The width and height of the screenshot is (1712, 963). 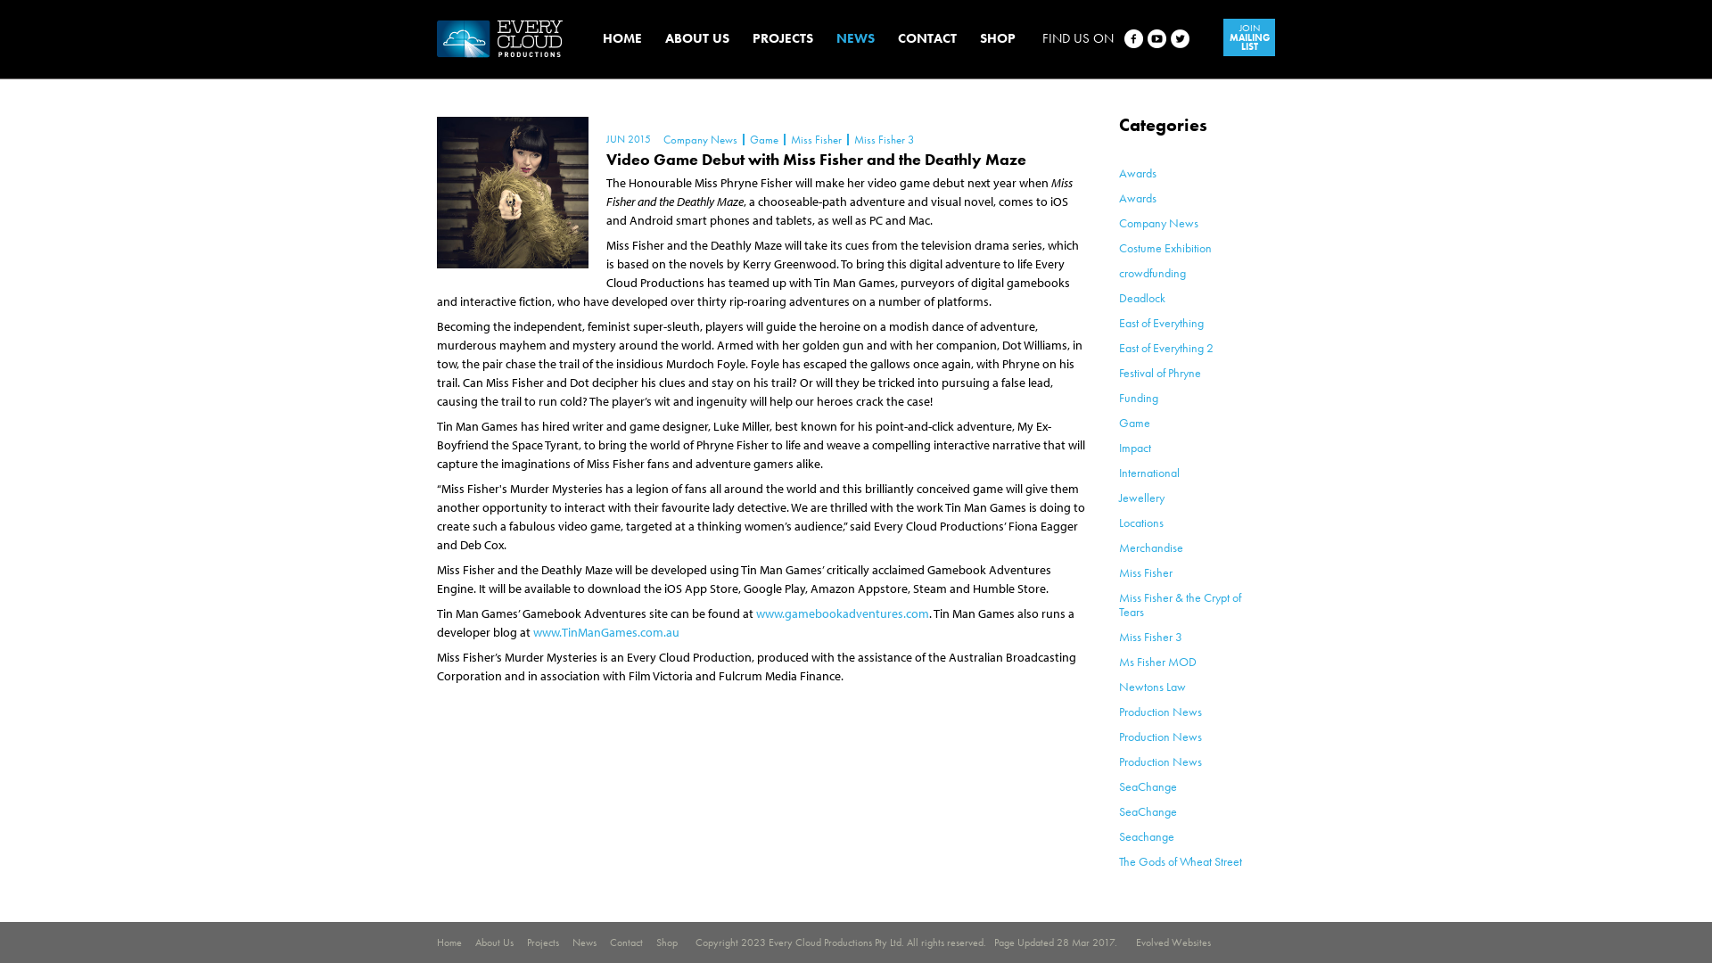 I want to click on 'www.TinManGames.com.au', so click(x=606, y=631).